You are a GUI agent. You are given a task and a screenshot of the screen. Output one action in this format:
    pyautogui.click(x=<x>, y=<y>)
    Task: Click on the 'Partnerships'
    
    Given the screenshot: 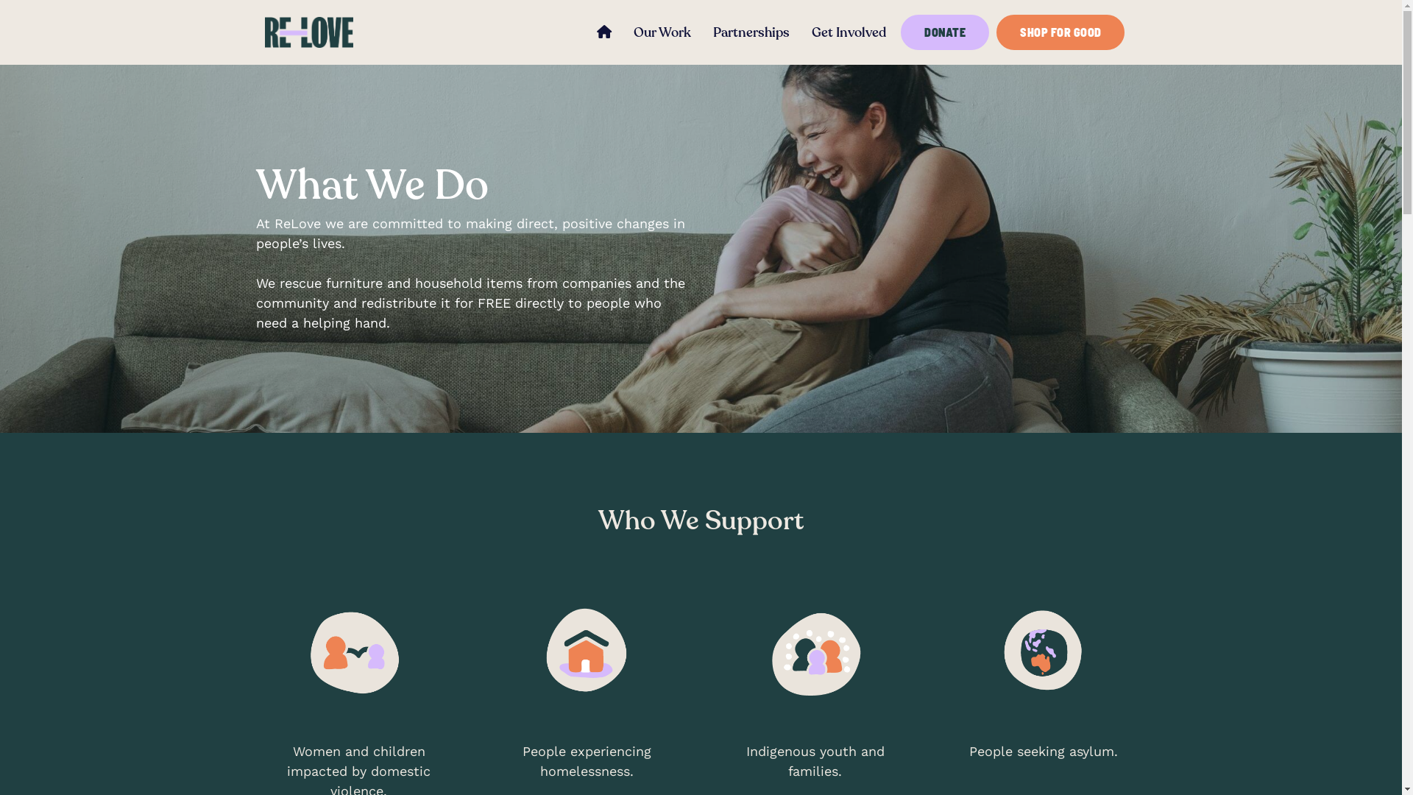 What is the action you would take?
    pyautogui.click(x=701, y=32)
    